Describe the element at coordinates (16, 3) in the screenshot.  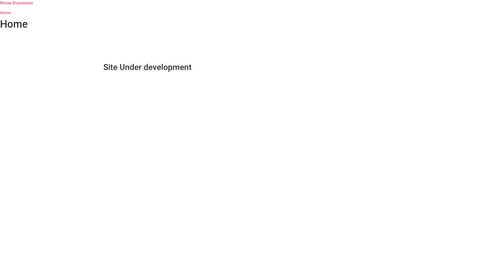
I see `'Moree Businesses'` at that location.